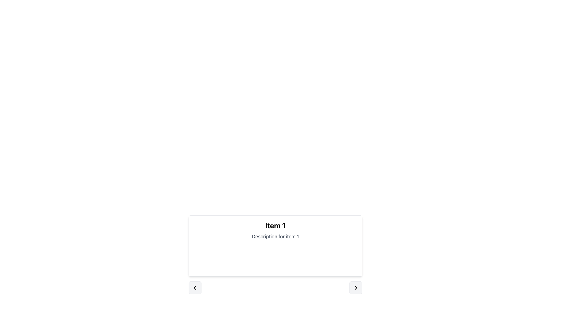  What do you see at coordinates (275, 288) in the screenshot?
I see `the central dot marker of the Navigation control bar positioned below the content box labeled 'Item 1'` at bounding box center [275, 288].